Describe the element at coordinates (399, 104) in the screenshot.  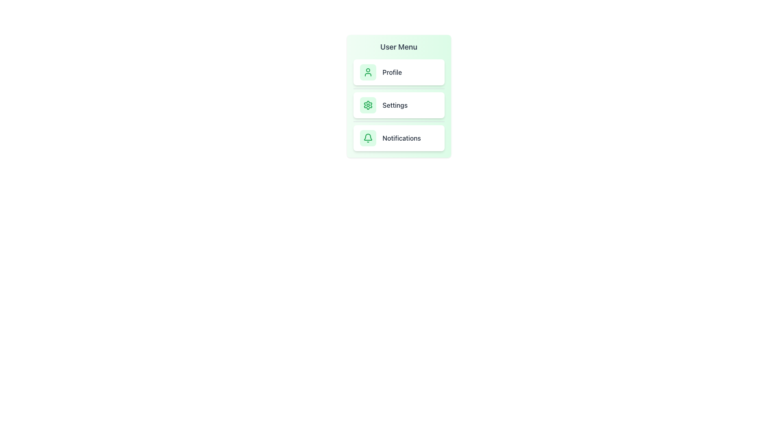
I see `the 'Settings' button in the user menu` at that location.